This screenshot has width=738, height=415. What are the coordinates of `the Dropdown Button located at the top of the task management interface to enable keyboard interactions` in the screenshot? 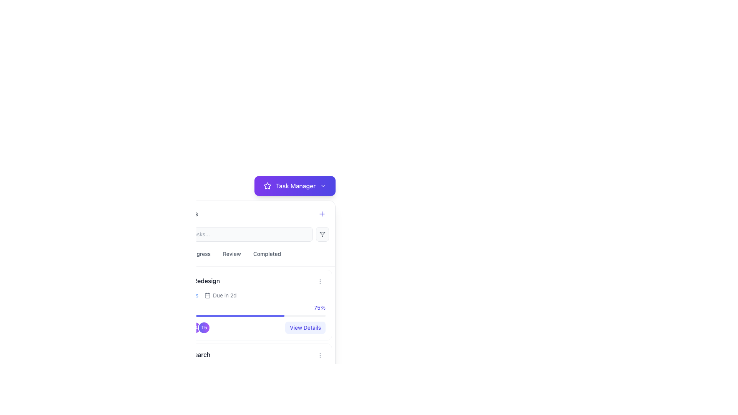 It's located at (294, 186).